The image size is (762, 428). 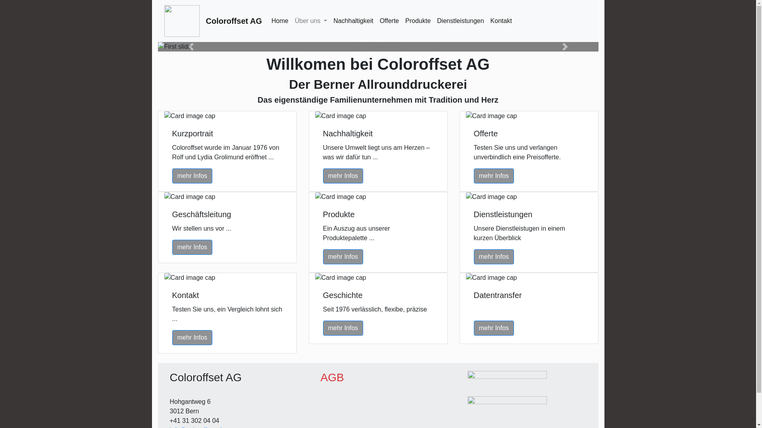 What do you see at coordinates (330, 21) in the screenshot?
I see `'Nachhaltigkeit` at bounding box center [330, 21].